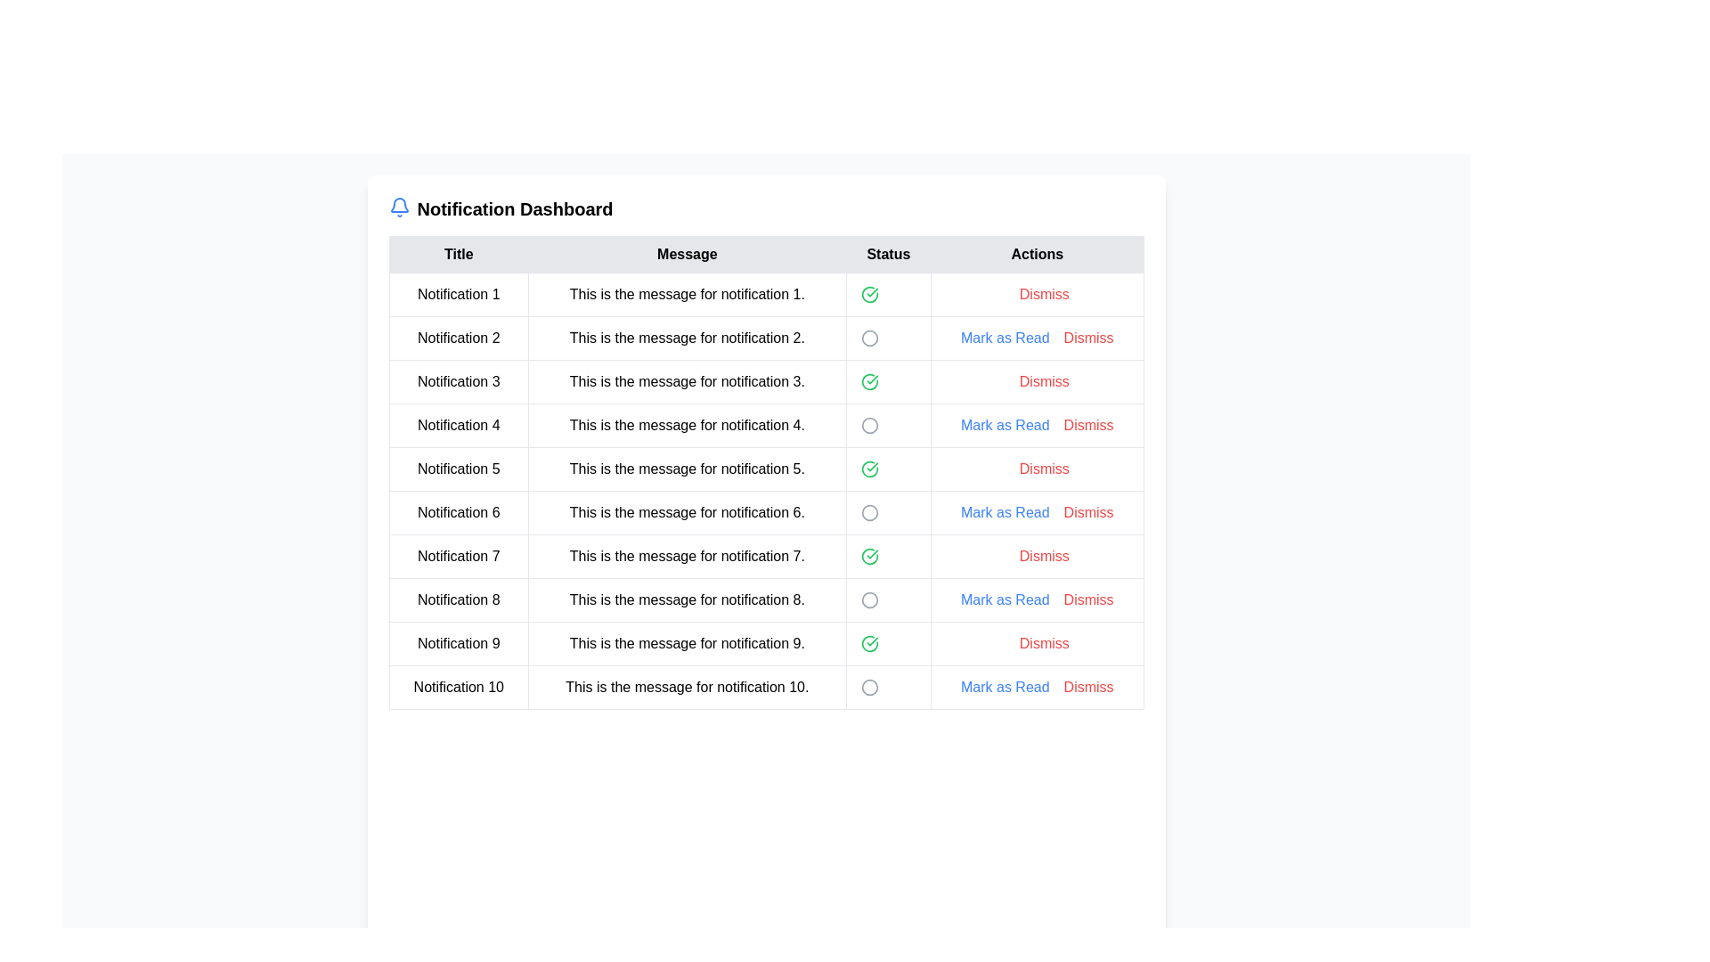 This screenshot has width=1710, height=962. What do you see at coordinates (1044, 380) in the screenshot?
I see `the Button-like text link` at bounding box center [1044, 380].